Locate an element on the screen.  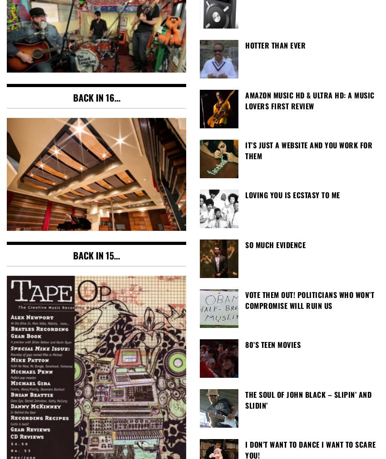
'Amazon Music HD & Ultra HD: A Music Lovers First Review' is located at coordinates (309, 100).